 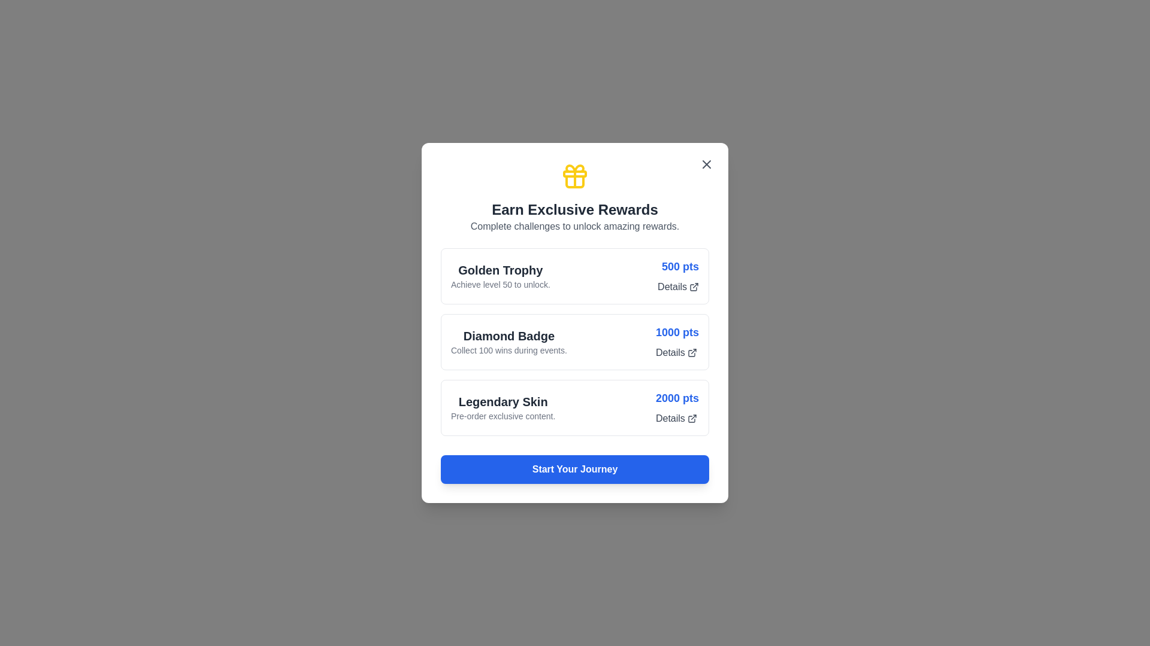 What do you see at coordinates (677, 342) in the screenshot?
I see `the text label link indicating reward points associated with the 'Diamond Badge' item` at bounding box center [677, 342].